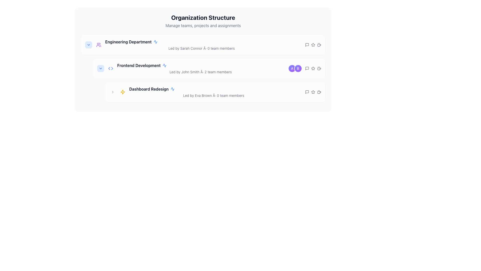  I want to click on text label 'Dashboard Redesign' located under the 'Frontend Development' section, positioned in a horizontal row with icons on either side, so click(149, 89).